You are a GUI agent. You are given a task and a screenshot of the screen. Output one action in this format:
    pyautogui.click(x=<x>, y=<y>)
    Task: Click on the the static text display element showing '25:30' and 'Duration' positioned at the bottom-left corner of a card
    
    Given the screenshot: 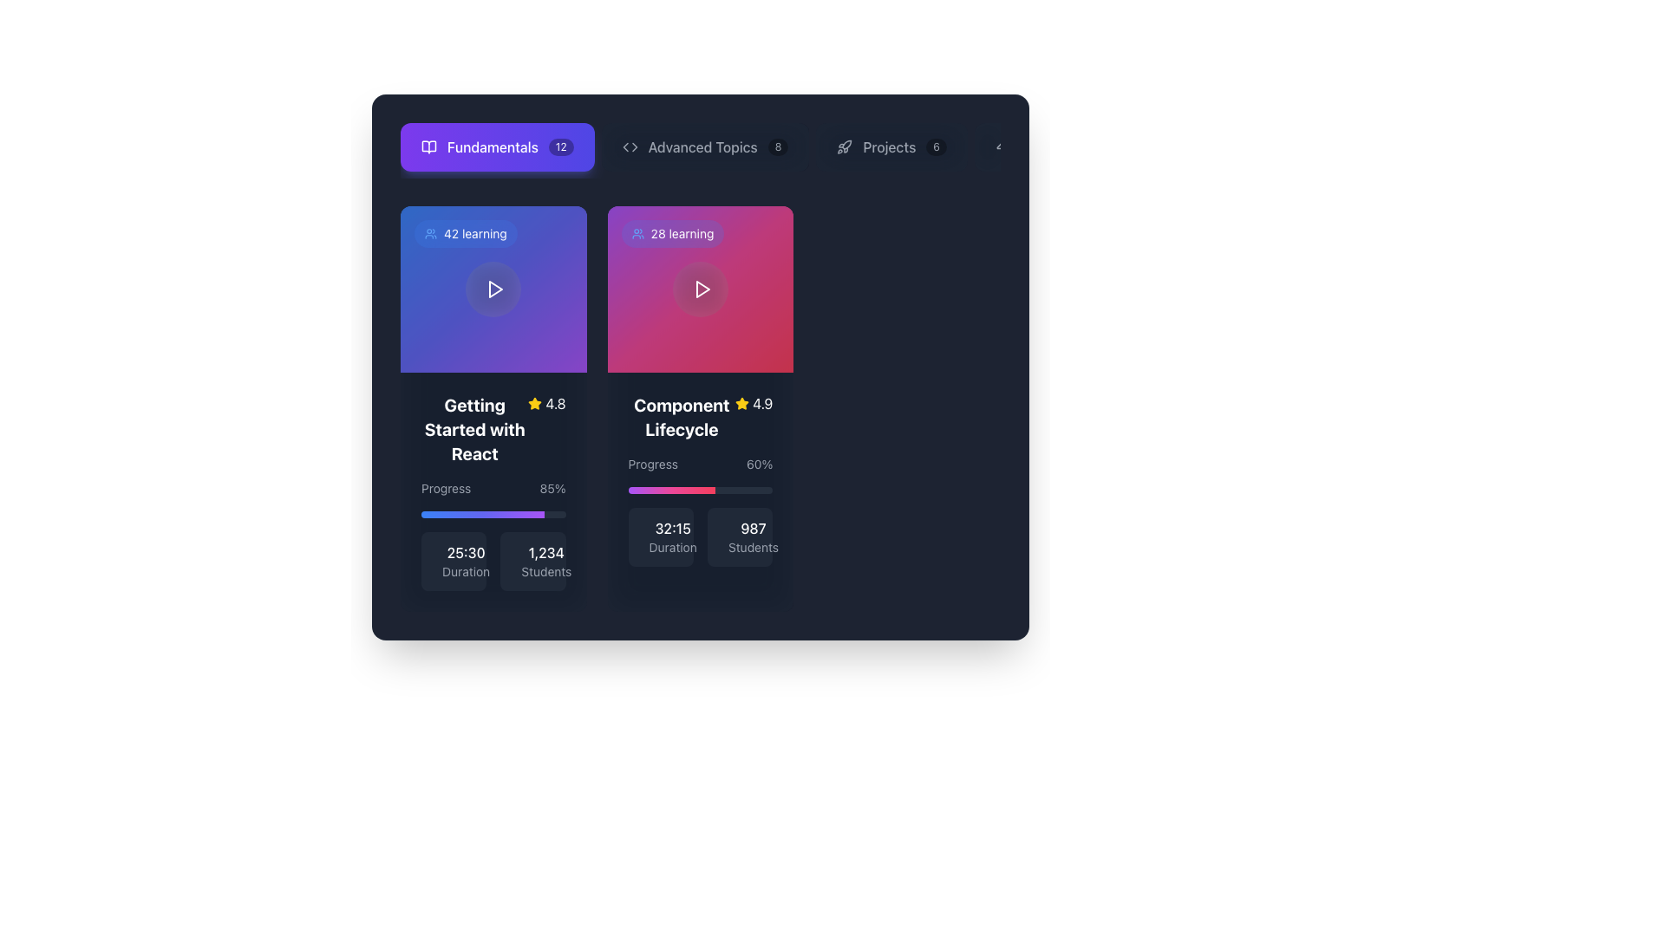 What is the action you would take?
    pyautogui.click(x=466, y=562)
    